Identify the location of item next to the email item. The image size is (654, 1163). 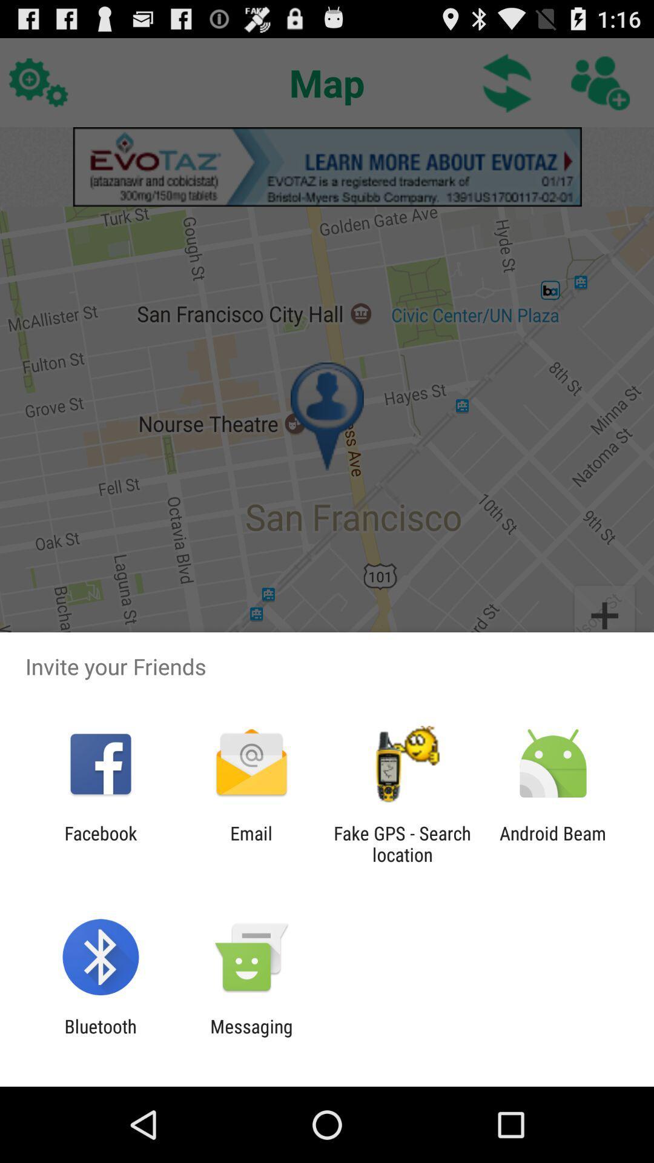
(402, 843).